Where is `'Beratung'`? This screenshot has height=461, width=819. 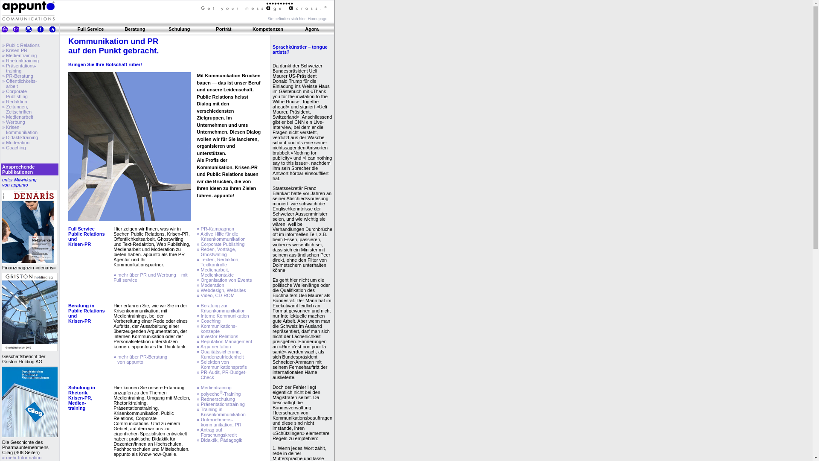 'Beratung' is located at coordinates (134, 29).